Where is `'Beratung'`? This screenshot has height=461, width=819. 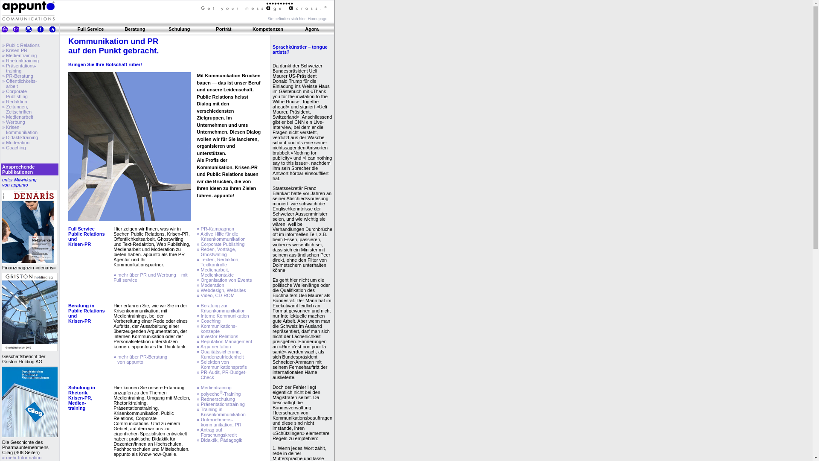 'Beratung' is located at coordinates (134, 29).